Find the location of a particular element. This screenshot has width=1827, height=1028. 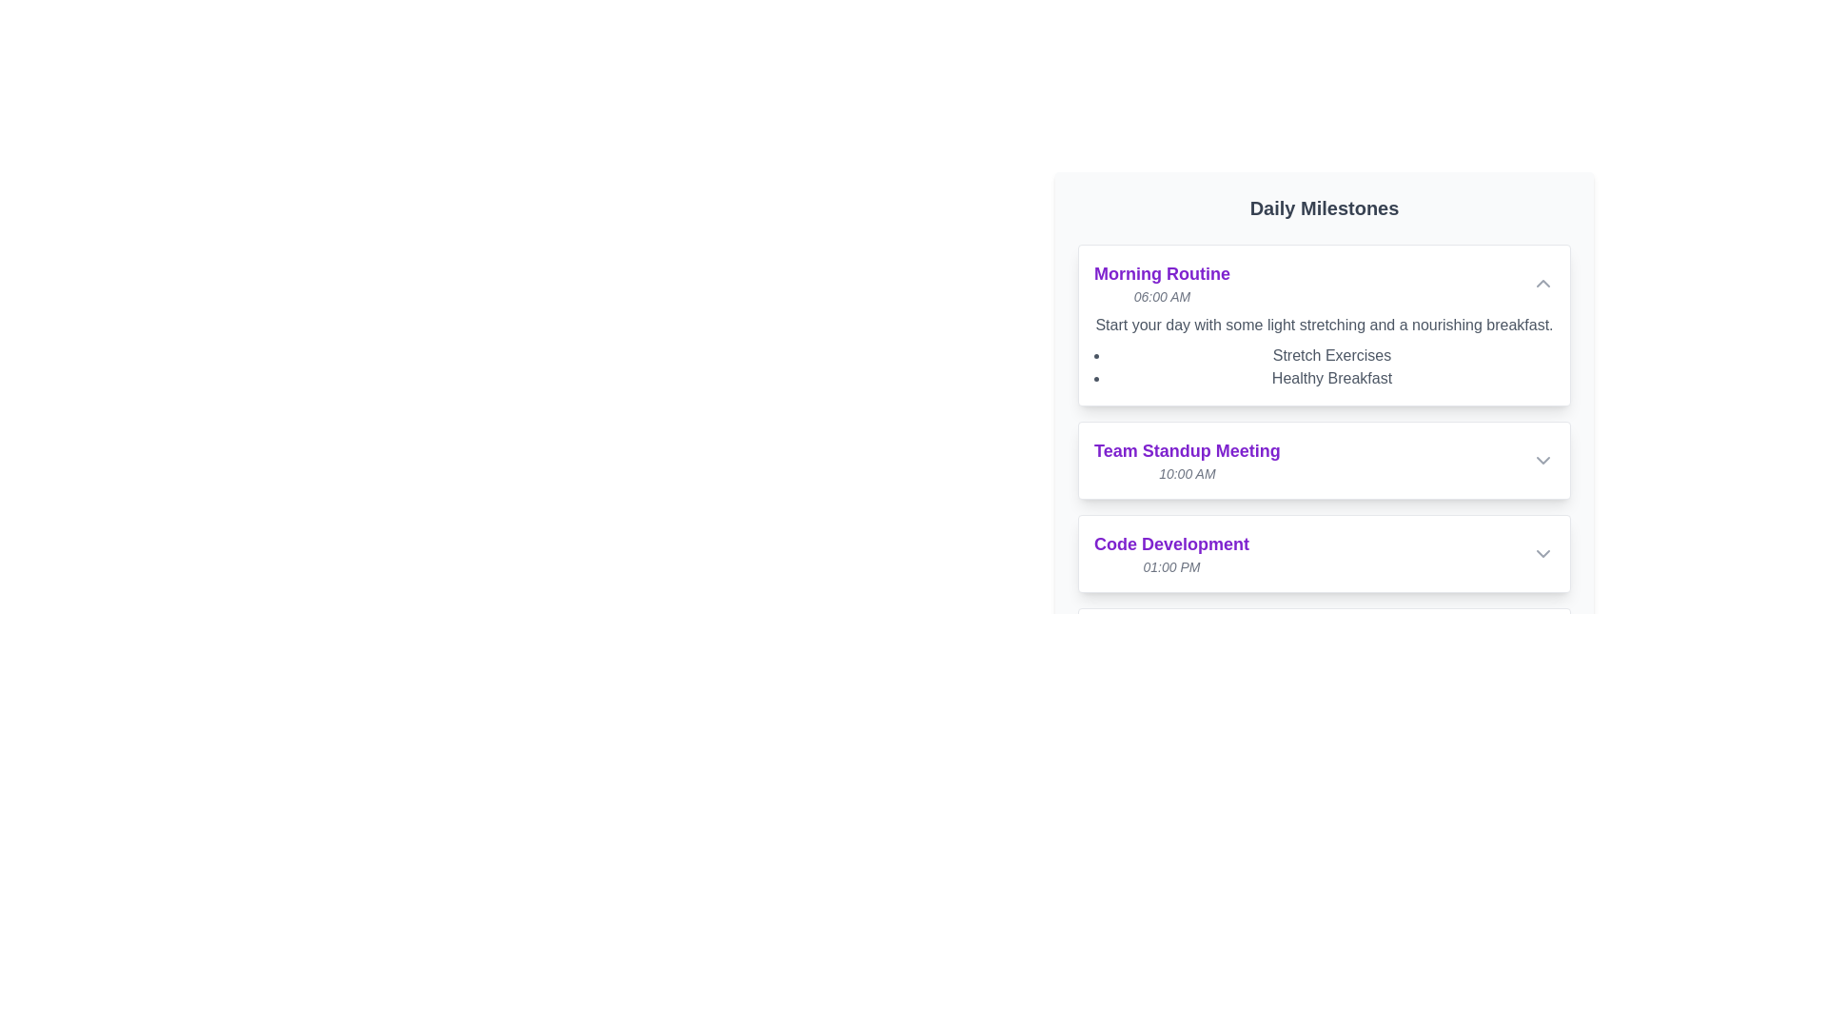

the text element displaying '01:00 PM' in italic gray font, located beneath the bold purple title 'Code Development' in the 'Daily Milestones' section is located at coordinates (1170, 566).